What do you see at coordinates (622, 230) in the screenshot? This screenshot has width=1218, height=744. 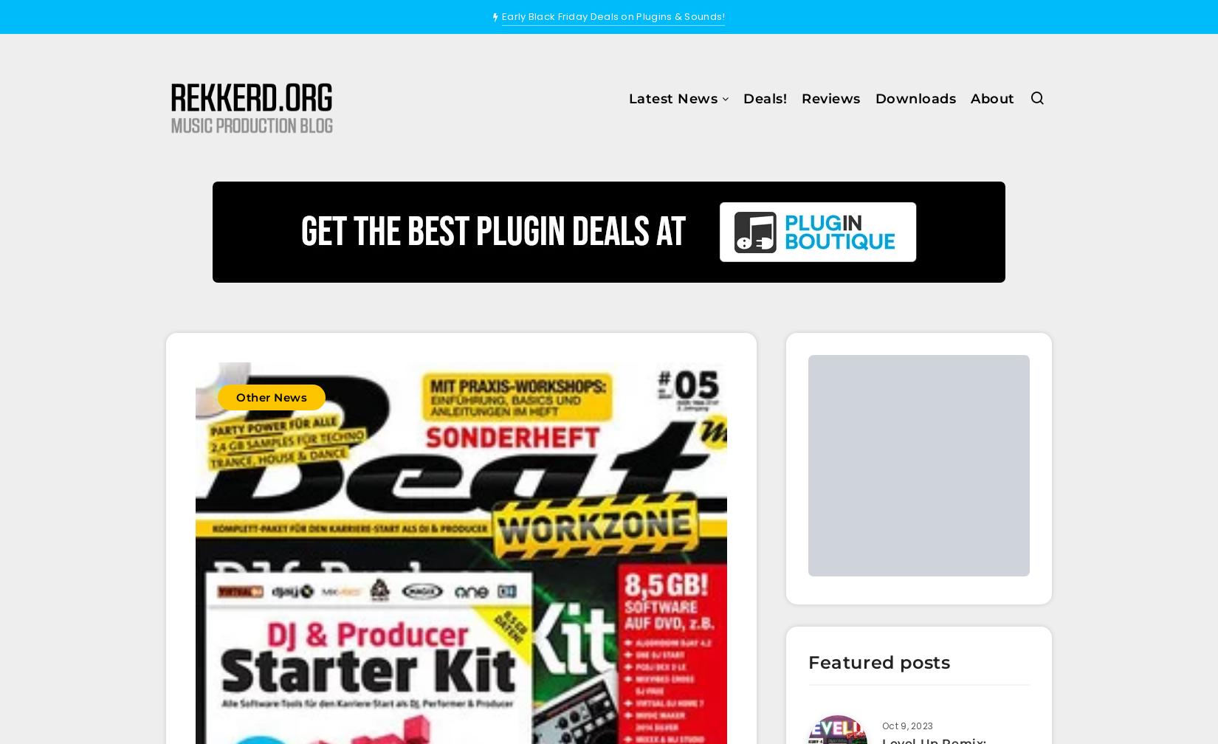 I see `'Samples and Presets'` at bounding box center [622, 230].